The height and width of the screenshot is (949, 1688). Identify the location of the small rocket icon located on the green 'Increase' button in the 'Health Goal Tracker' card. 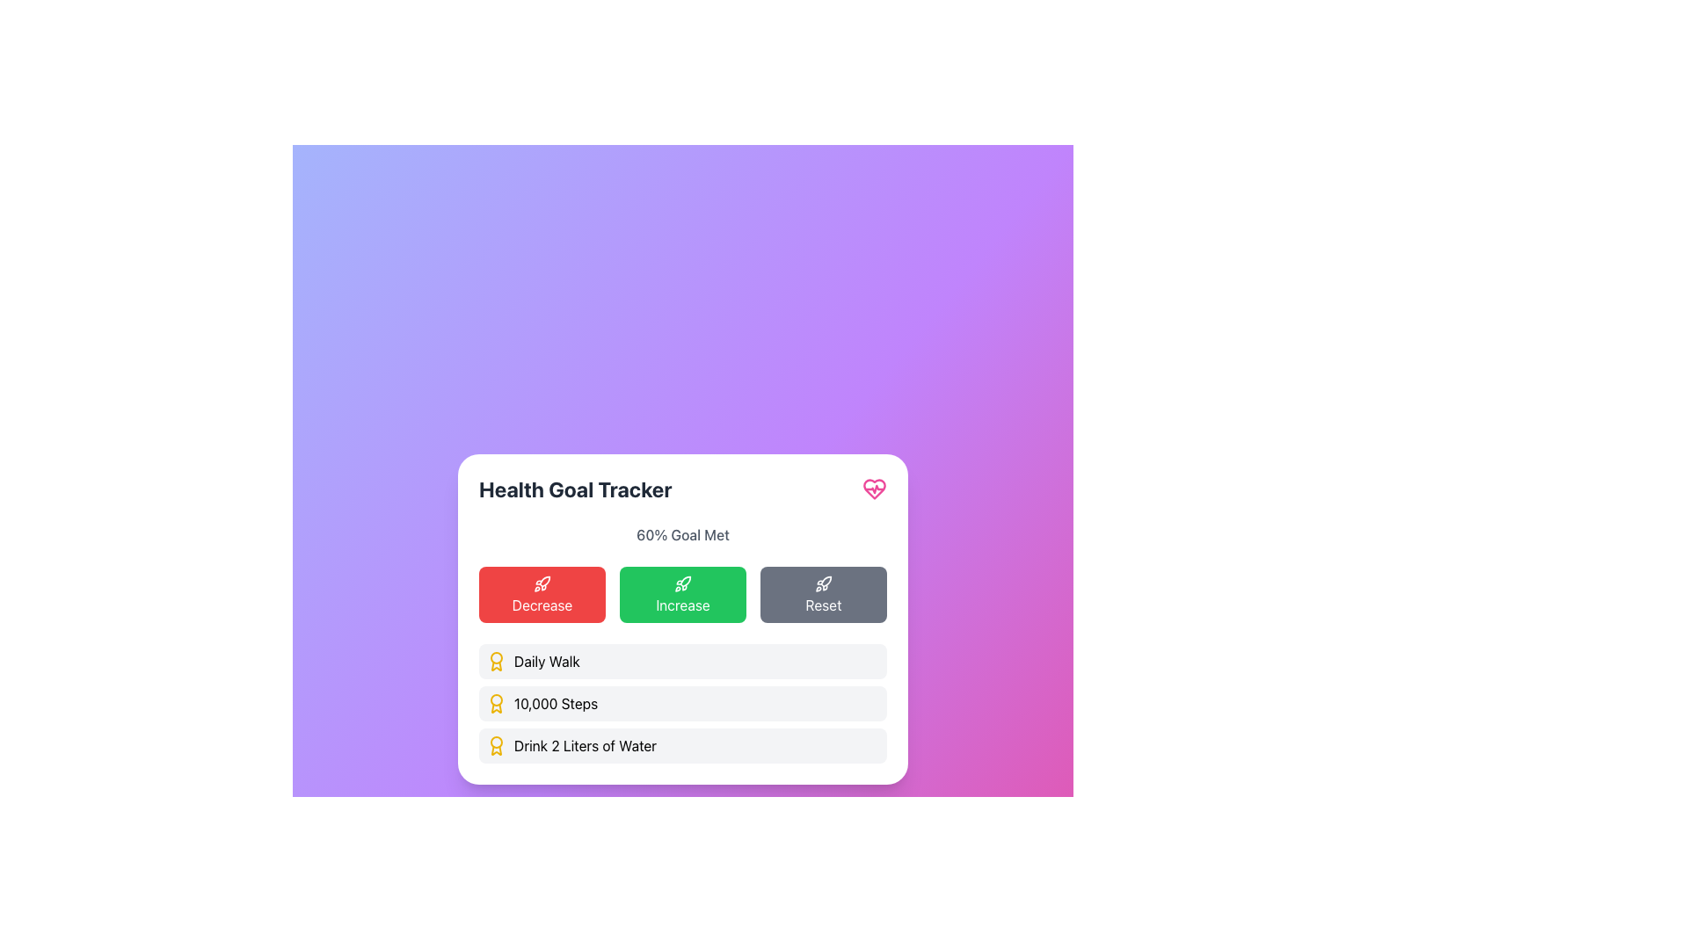
(682, 583).